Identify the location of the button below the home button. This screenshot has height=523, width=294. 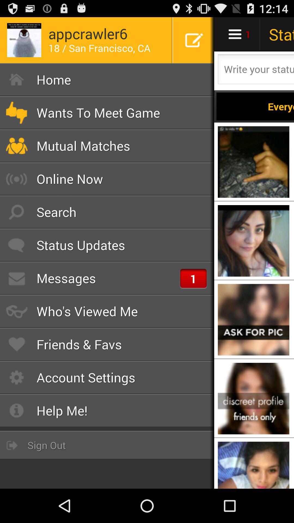
(107, 112).